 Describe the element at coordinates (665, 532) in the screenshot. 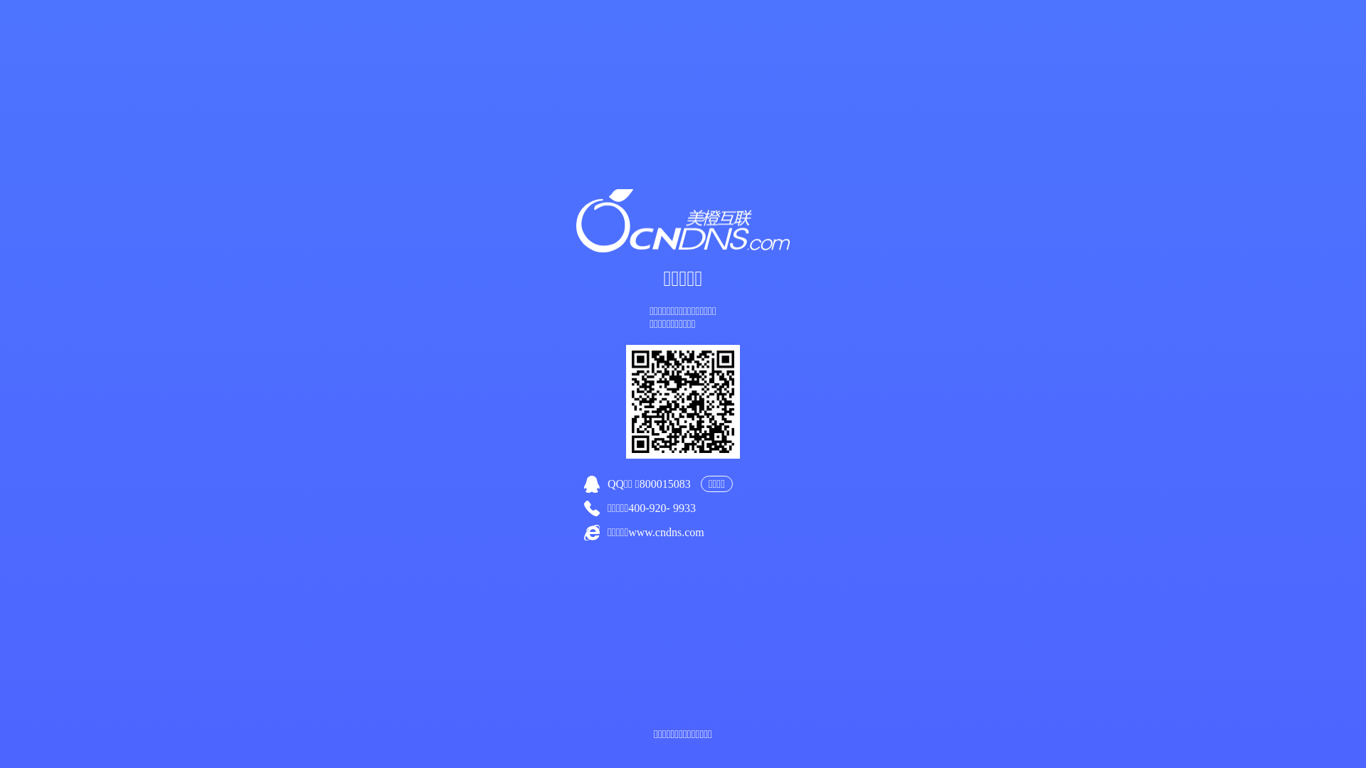

I see `'www.cndns.com'` at that location.